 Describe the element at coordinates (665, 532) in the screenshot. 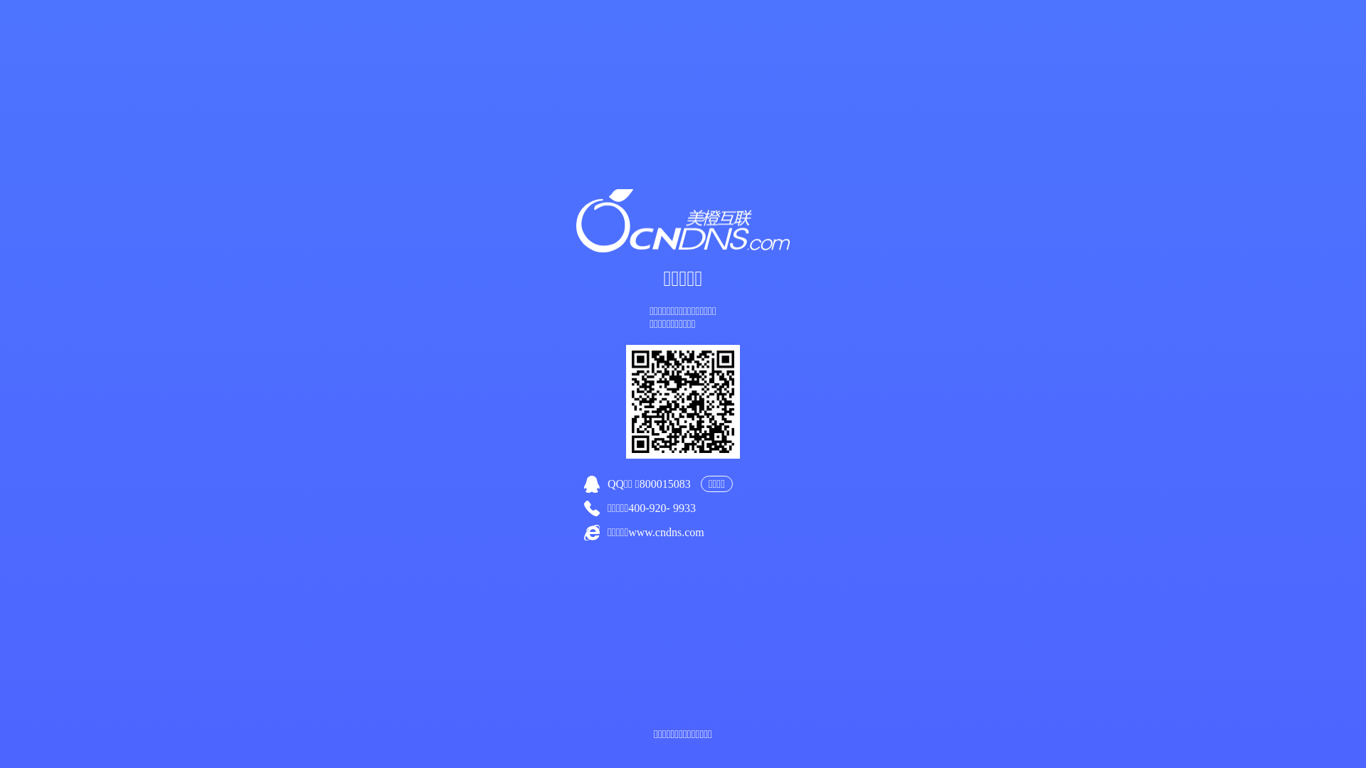

I see `'www.cndns.com'` at that location.